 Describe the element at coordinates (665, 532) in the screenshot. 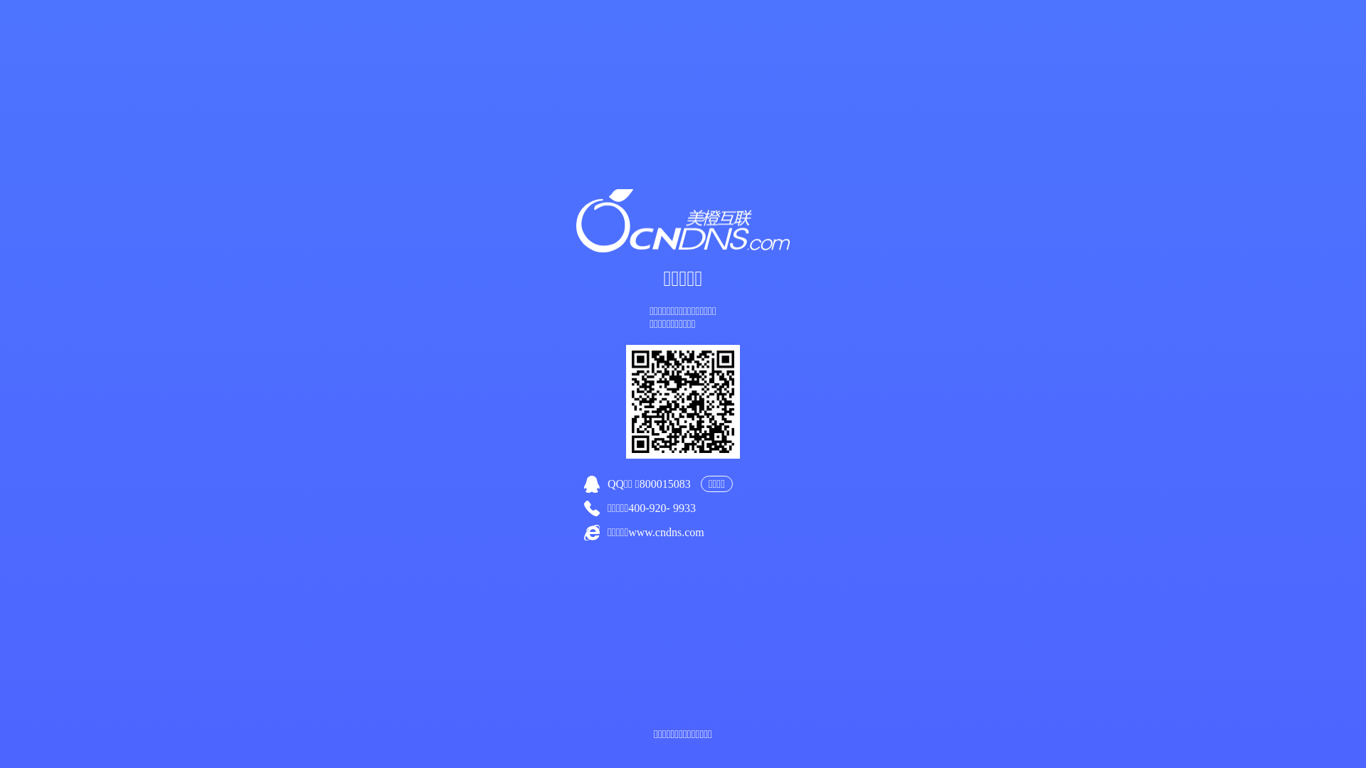

I see `'www.cndns.com'` at that location.